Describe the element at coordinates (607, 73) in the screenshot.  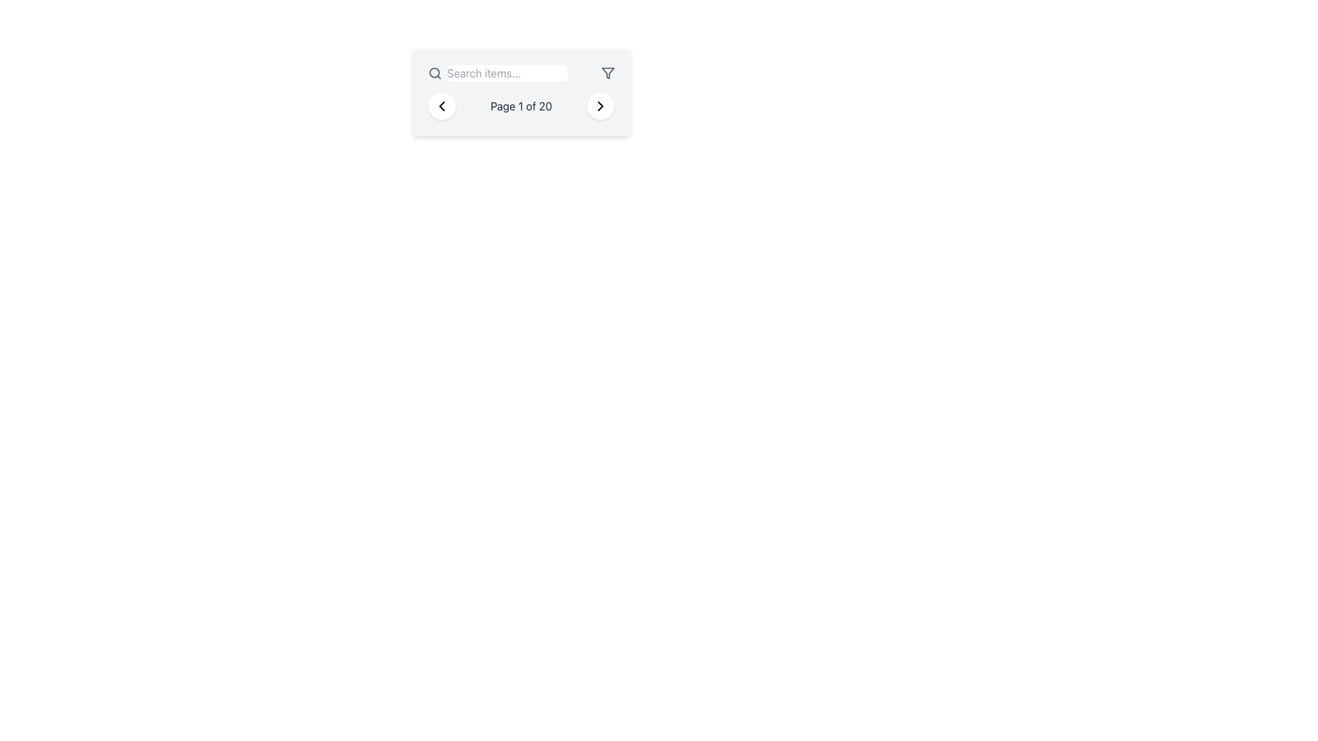
I see `the Filter icon located at the far right of the search bar` at that location.